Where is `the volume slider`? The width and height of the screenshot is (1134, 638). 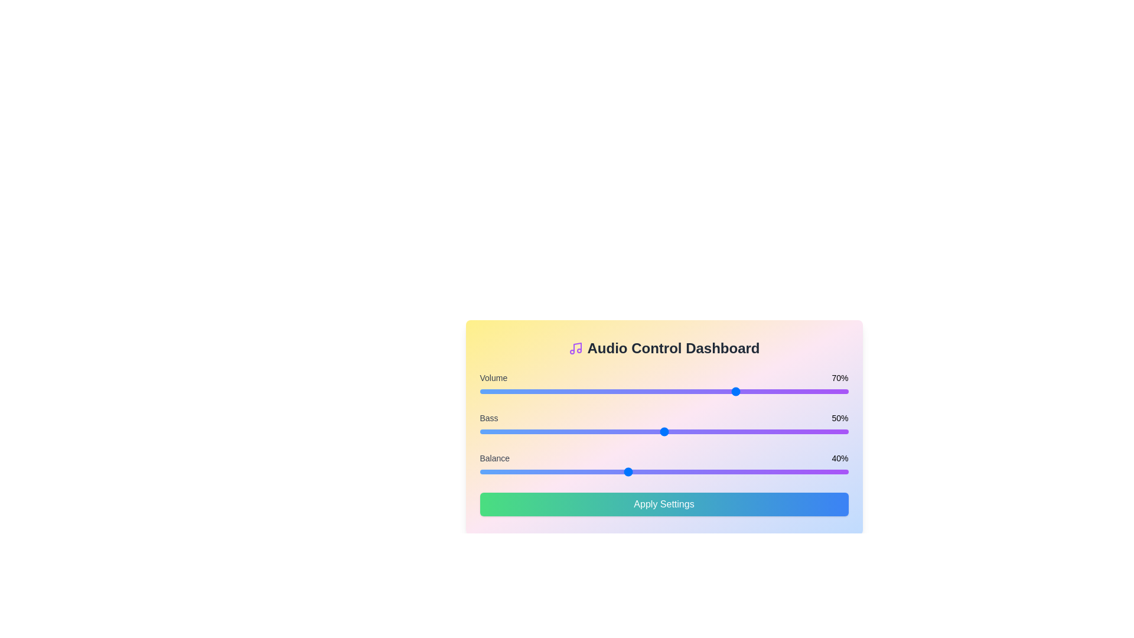
the volume slider is located at coordinates (637, 392).